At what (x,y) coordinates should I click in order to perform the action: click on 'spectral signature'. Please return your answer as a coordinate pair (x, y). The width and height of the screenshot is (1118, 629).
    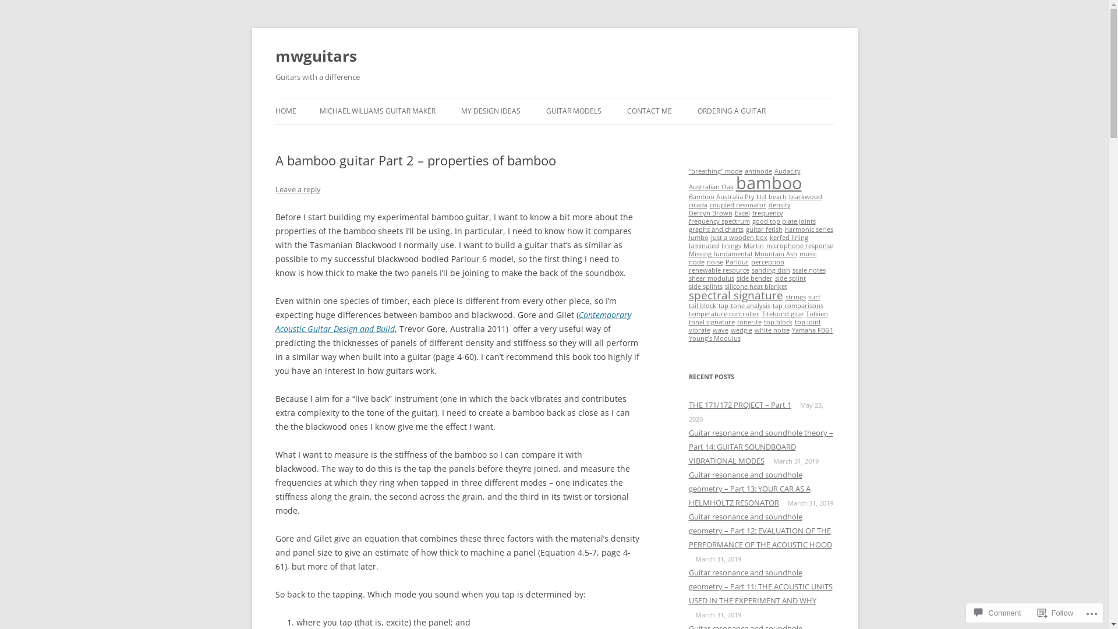
    Looking at the image, I should click on (734, 294).